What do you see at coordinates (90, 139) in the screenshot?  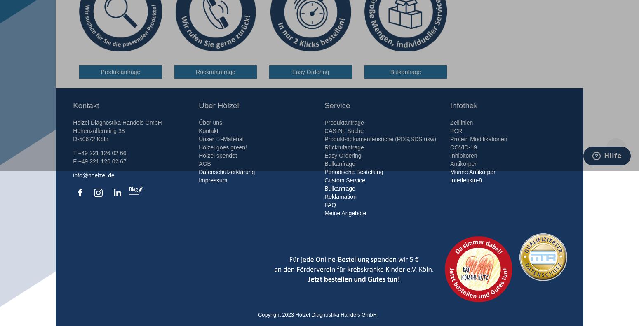 I see `'D-50672 Köln'` at bounding box center [90, 139].